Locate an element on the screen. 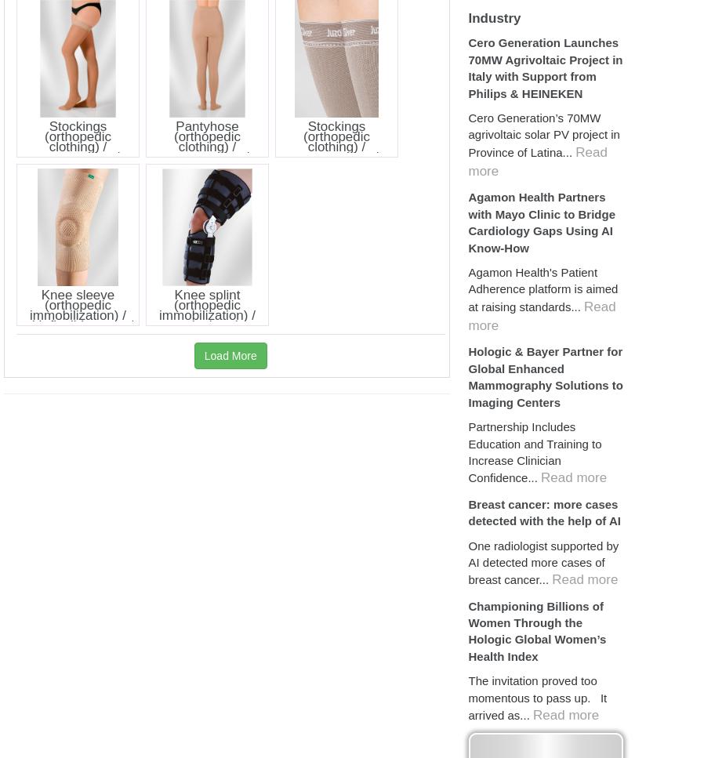 Image resolution: width=704 pixels, height=758 pixels. 'Breast cancer: more cases detected with the help of AI' is located at coordinates (543, 511).